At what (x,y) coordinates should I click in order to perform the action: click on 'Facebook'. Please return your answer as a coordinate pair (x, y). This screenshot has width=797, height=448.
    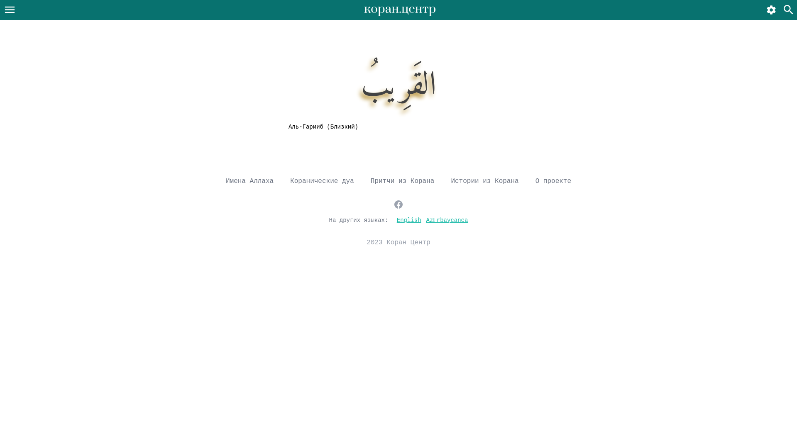
    Looking at the image, I should click on (393, 204).